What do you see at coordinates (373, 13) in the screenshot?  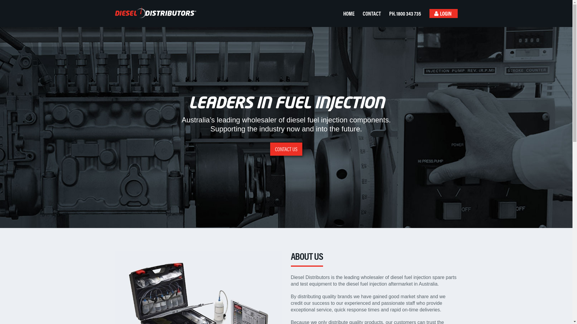 I see `'CONTACT'` at bounding box center [373, 13].